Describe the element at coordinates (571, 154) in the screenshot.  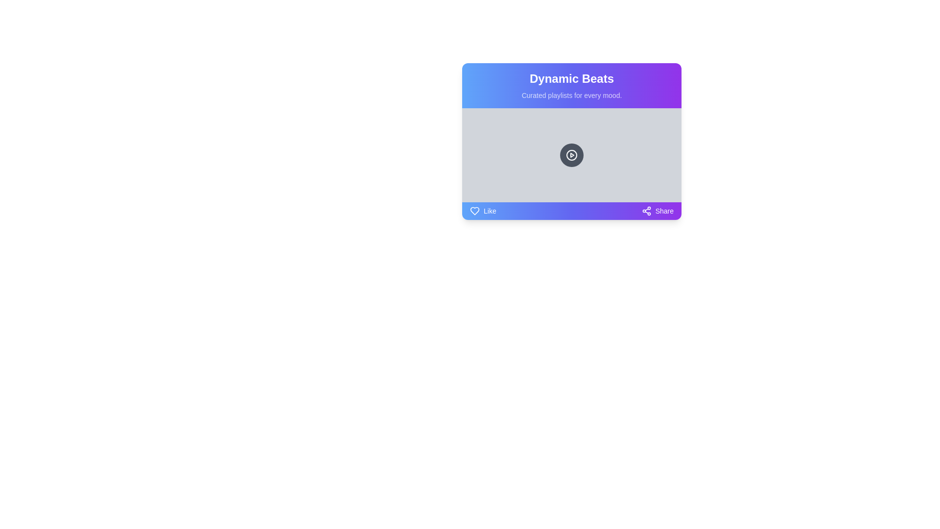
I see `the circular play button located at the center of the card component` at that location.